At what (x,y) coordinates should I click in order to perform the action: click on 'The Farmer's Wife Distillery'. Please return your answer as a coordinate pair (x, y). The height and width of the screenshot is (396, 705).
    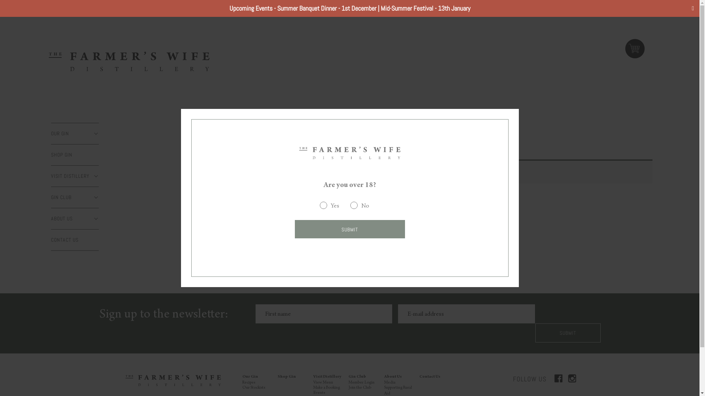
    Looking at the image, I should click on (173, 380).